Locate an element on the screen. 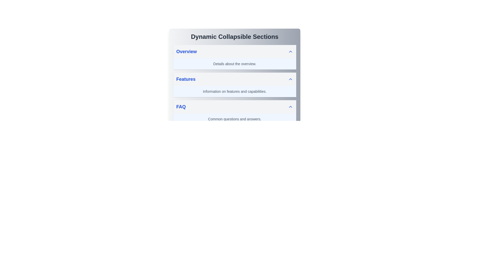 The width and height of the screenshot is (492, 276). text content displayed in the rectangular section beneath the 'Features' header, which contains the information 'Information on features and capabilities.' is located at coordinates (234, 91).